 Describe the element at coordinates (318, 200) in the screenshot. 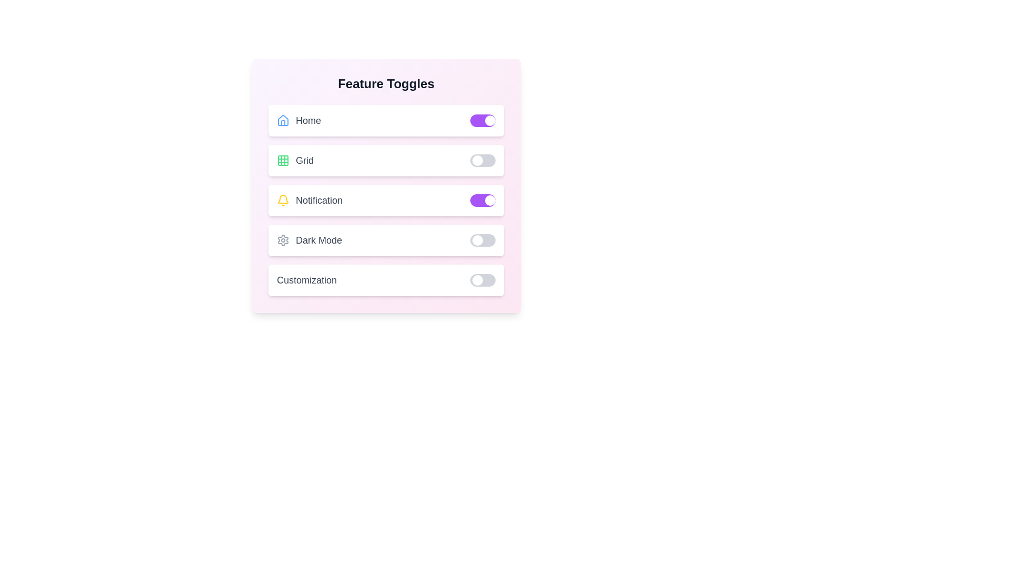

I see `the text label indicating the notification feature next to the yellow bell icon, which is located in the third row of a vertically stacked list inside a card-like layout` at that location.